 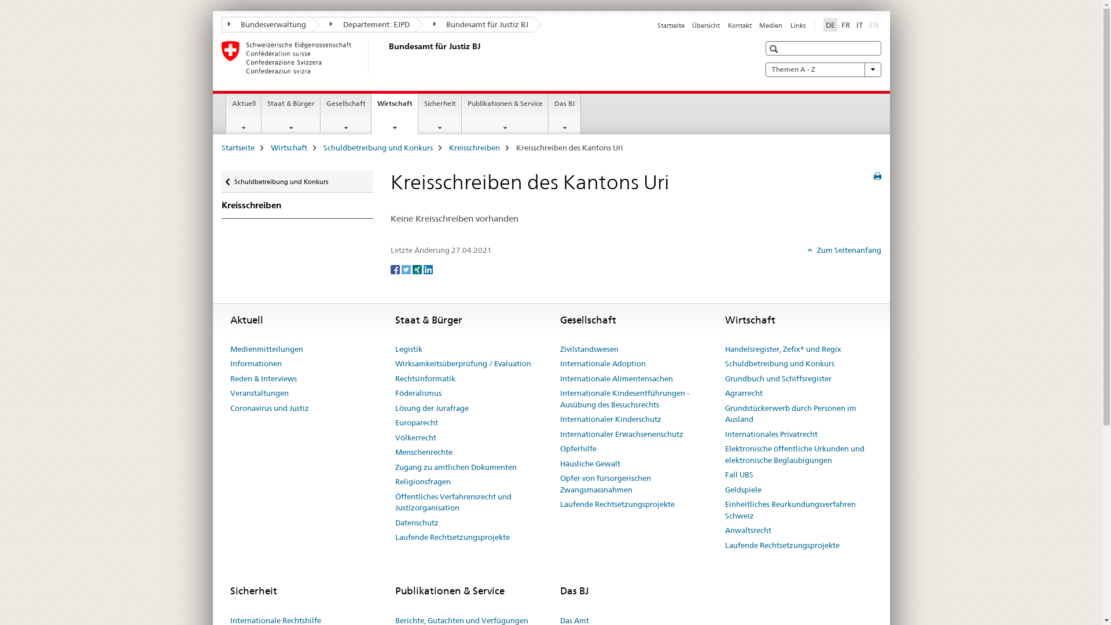 What do you see at coordinates (578, 448) in the screenshot?
I see `'Opferhilfe'` at bounding box center [578, 448].